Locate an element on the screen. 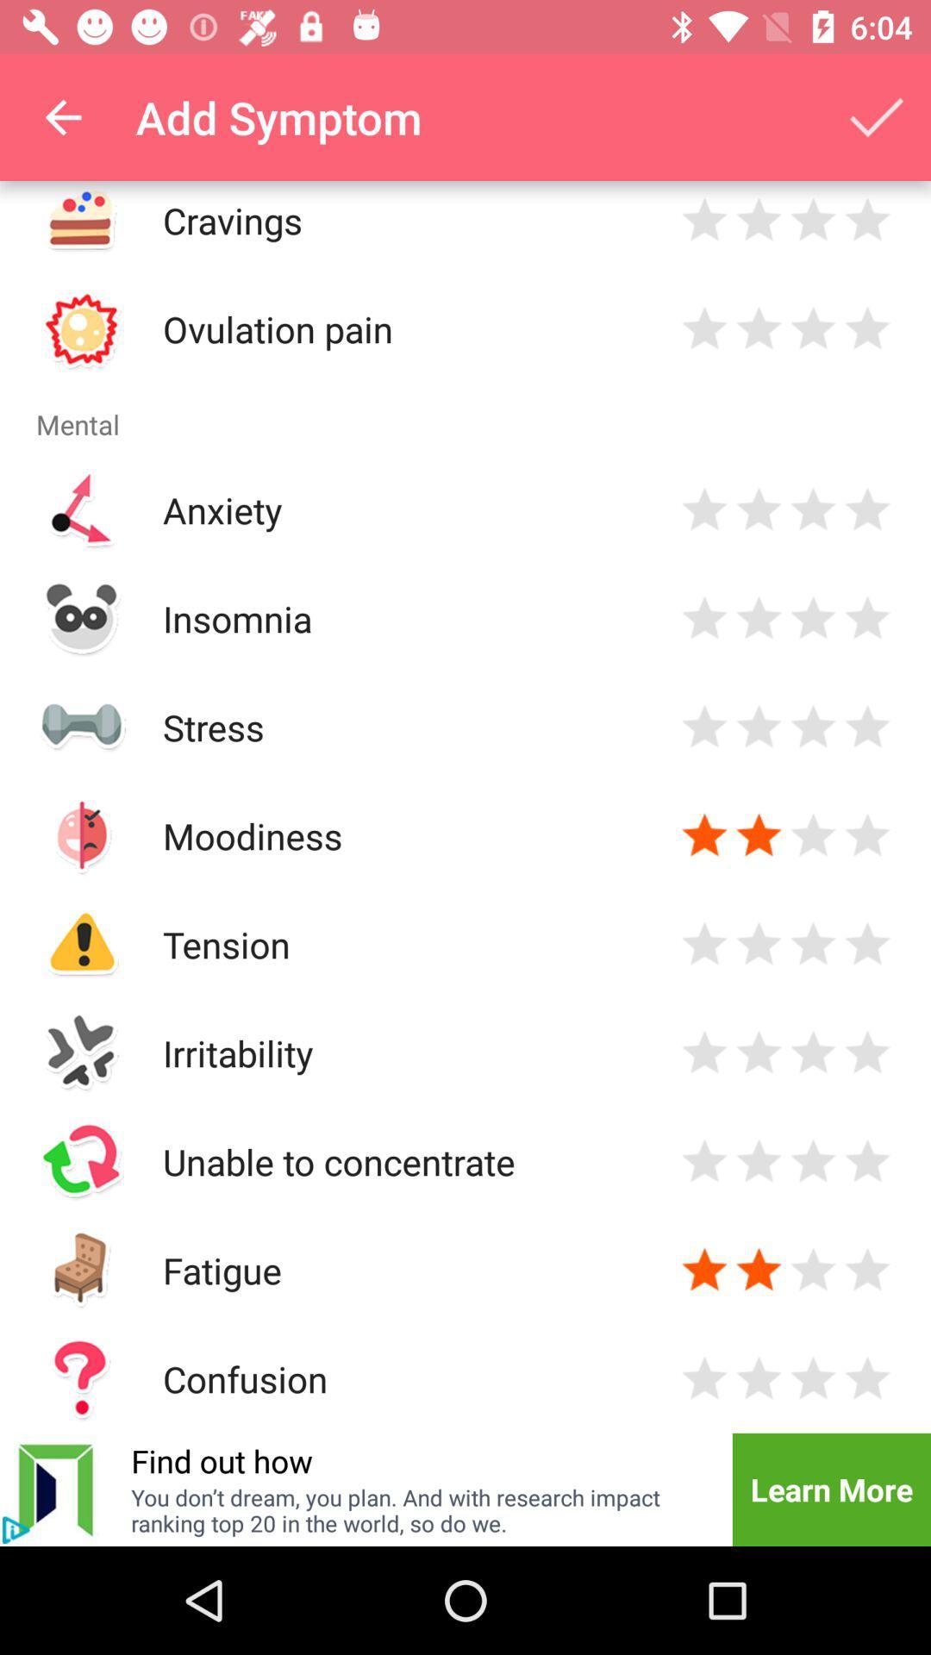 This screenshot has height=1655, width=931. rate four stars is located at coordinates (867, 328).